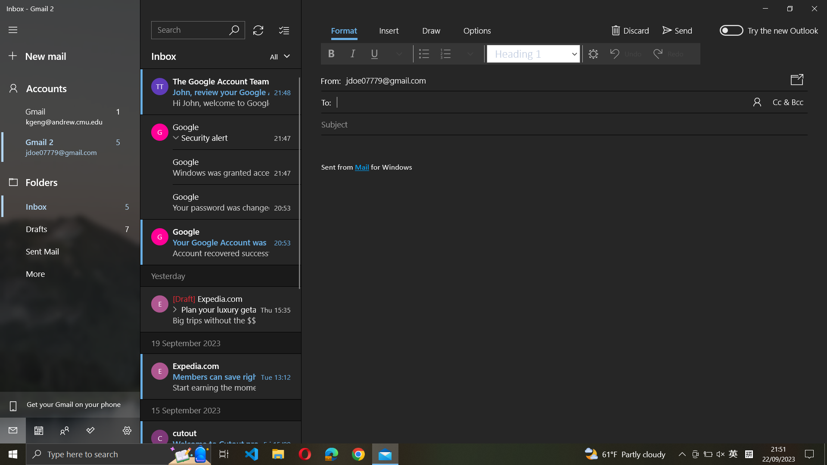 Image resolution: width=827 pixels, height=465 pixels. What do you see at coordinates (567, 272) in the screenshot?
I see `the signature to "John" and underline the text` at bounding box center [567, 272].